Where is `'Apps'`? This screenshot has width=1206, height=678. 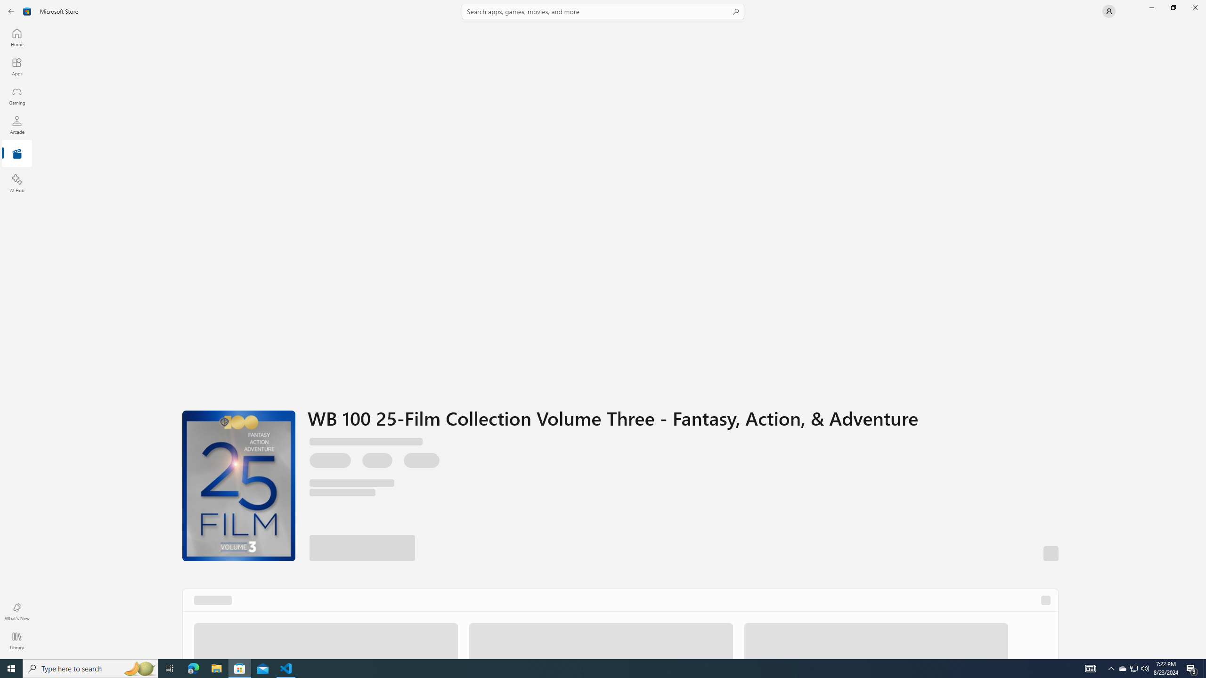 'Apps' is located at coordinates (16, 66).